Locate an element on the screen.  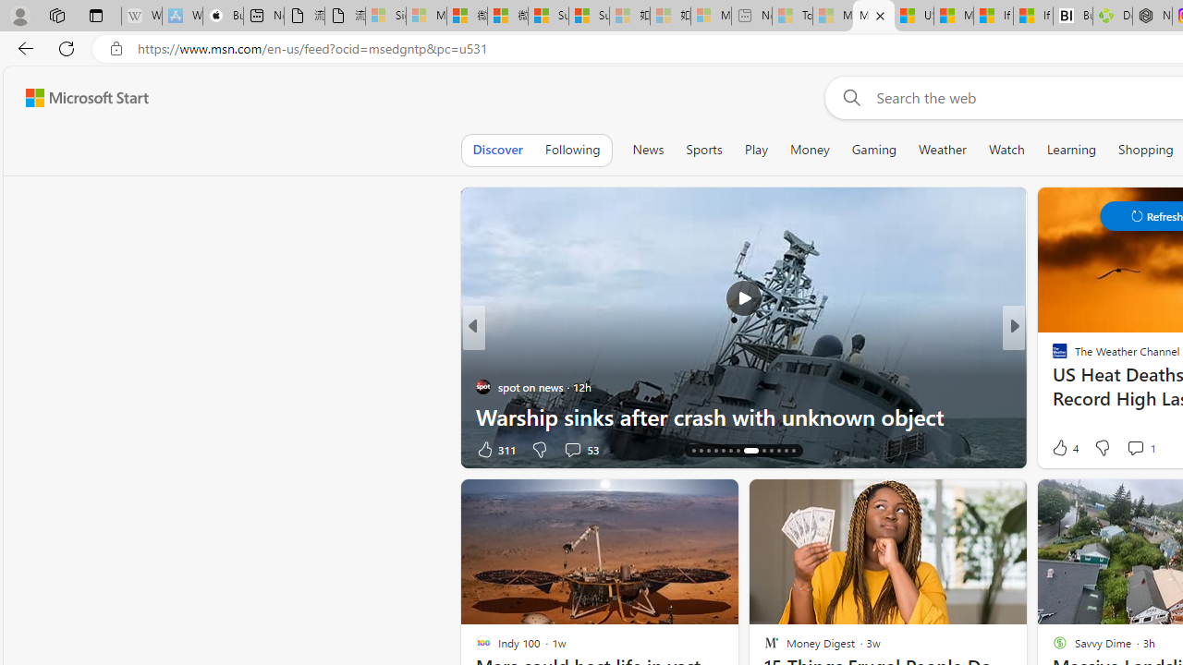
'Top Stories - MSN - Sleeping' is located at coordinates (792, 16).